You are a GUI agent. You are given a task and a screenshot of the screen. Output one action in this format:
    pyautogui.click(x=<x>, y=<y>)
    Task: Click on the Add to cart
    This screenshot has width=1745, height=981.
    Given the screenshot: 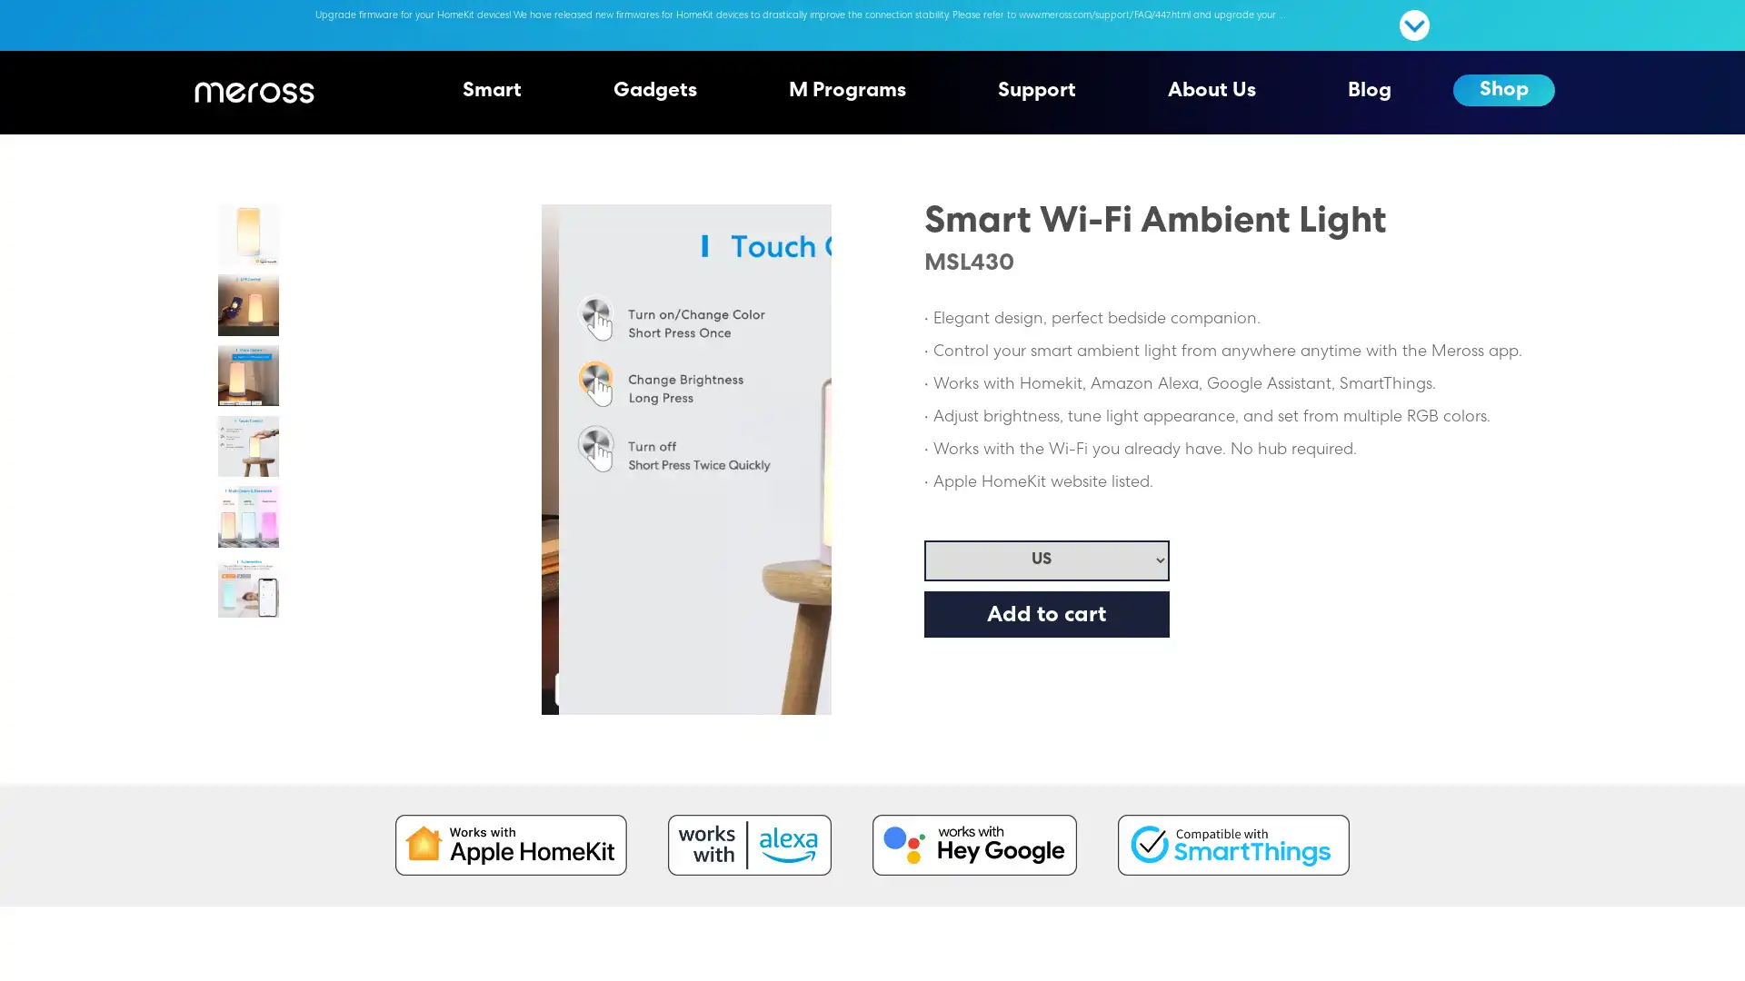 What is the action you would take?
    pyautogui.click(x=1046, y=613)
    